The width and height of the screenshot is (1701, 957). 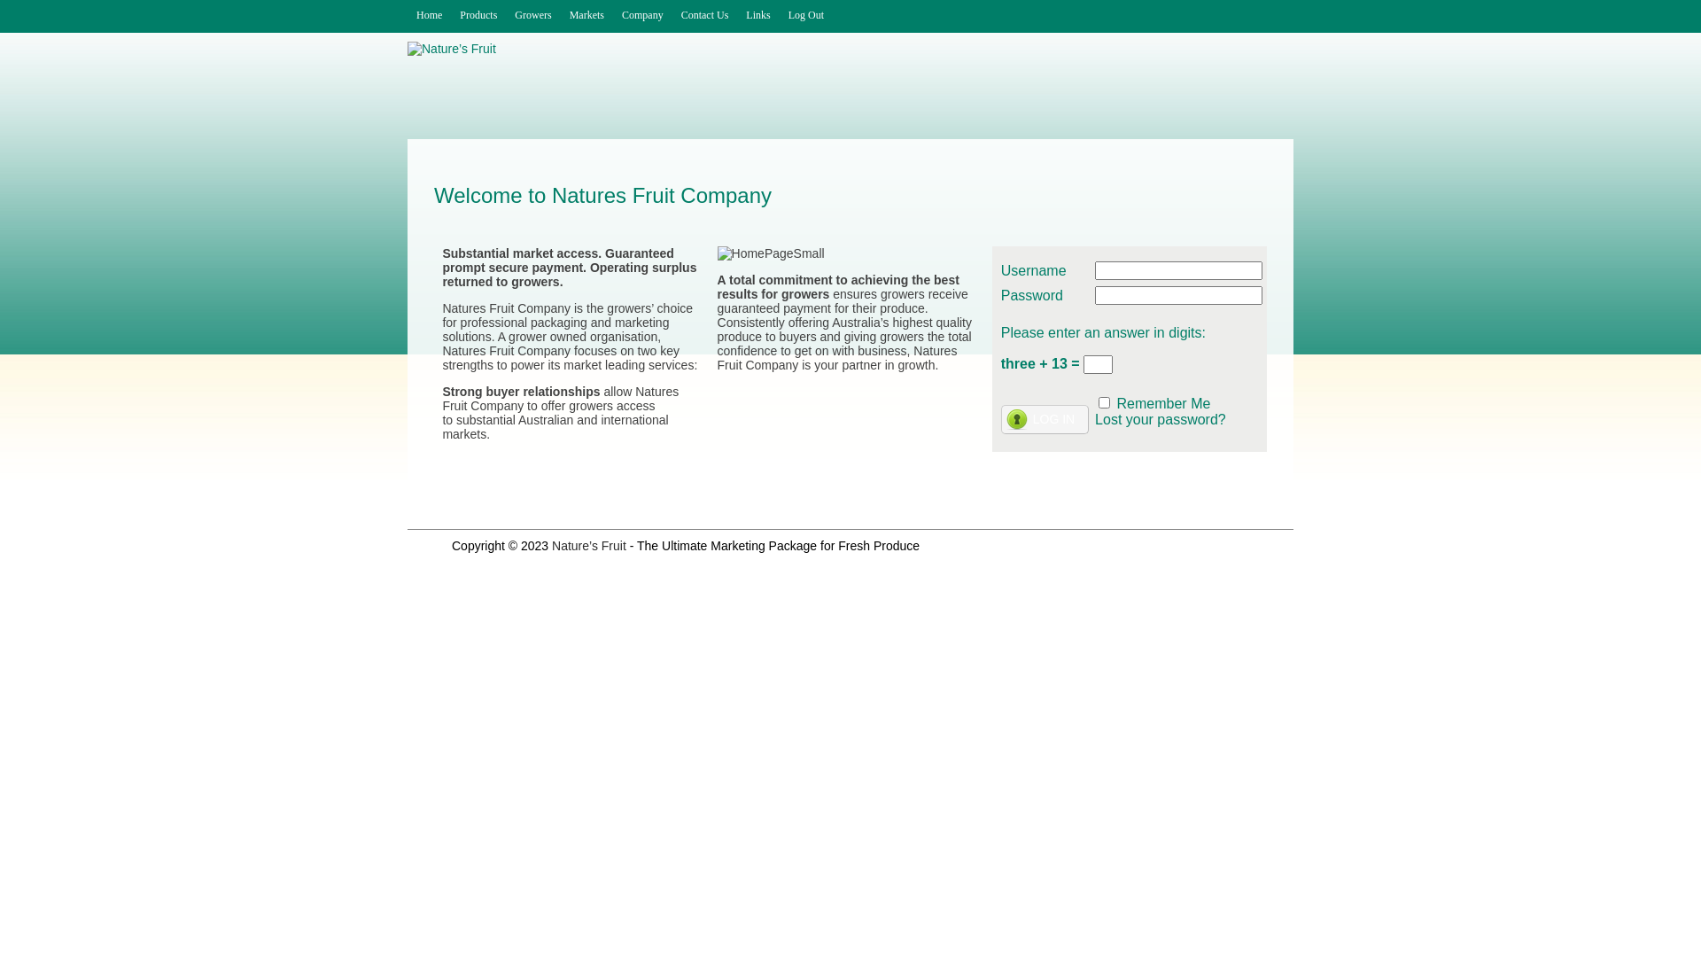 What do you see at coordinates (586, 15) in the screenshot?
I see `'Markets'` at bounding box center [586, 15].